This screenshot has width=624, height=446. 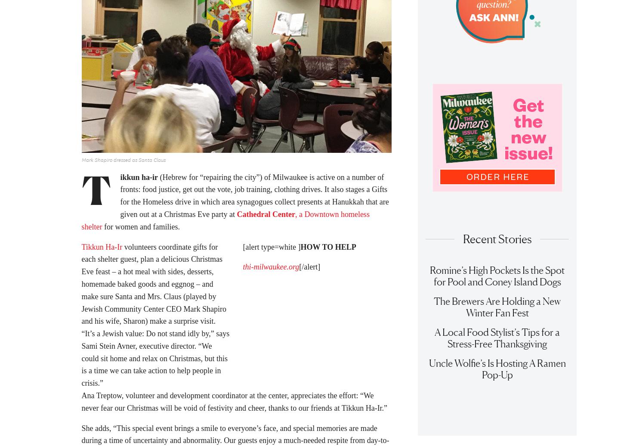 What do you see at coordinates (123, 163) in the screenshot?
I see `'Mark Shapiro dressed as Santa Claus'` at bounding box center [123, 163].